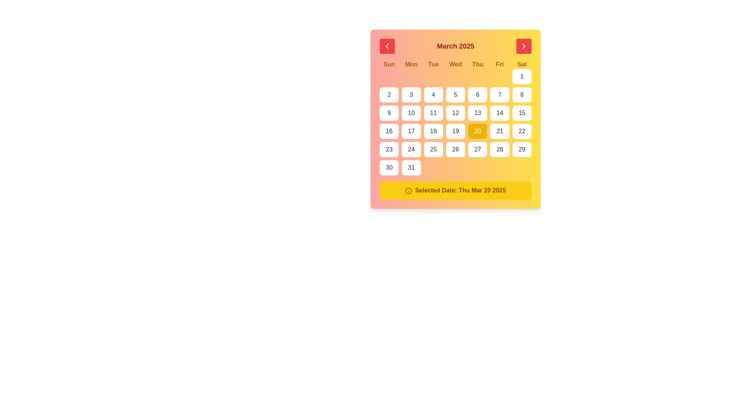 This screenshot has width=729, height=410. What do you see at coordinates (433, 113) in the screenshot?
I see `the button representing the 11th day of March 2025 in the calendar interface` at bounding box center [433, 113].